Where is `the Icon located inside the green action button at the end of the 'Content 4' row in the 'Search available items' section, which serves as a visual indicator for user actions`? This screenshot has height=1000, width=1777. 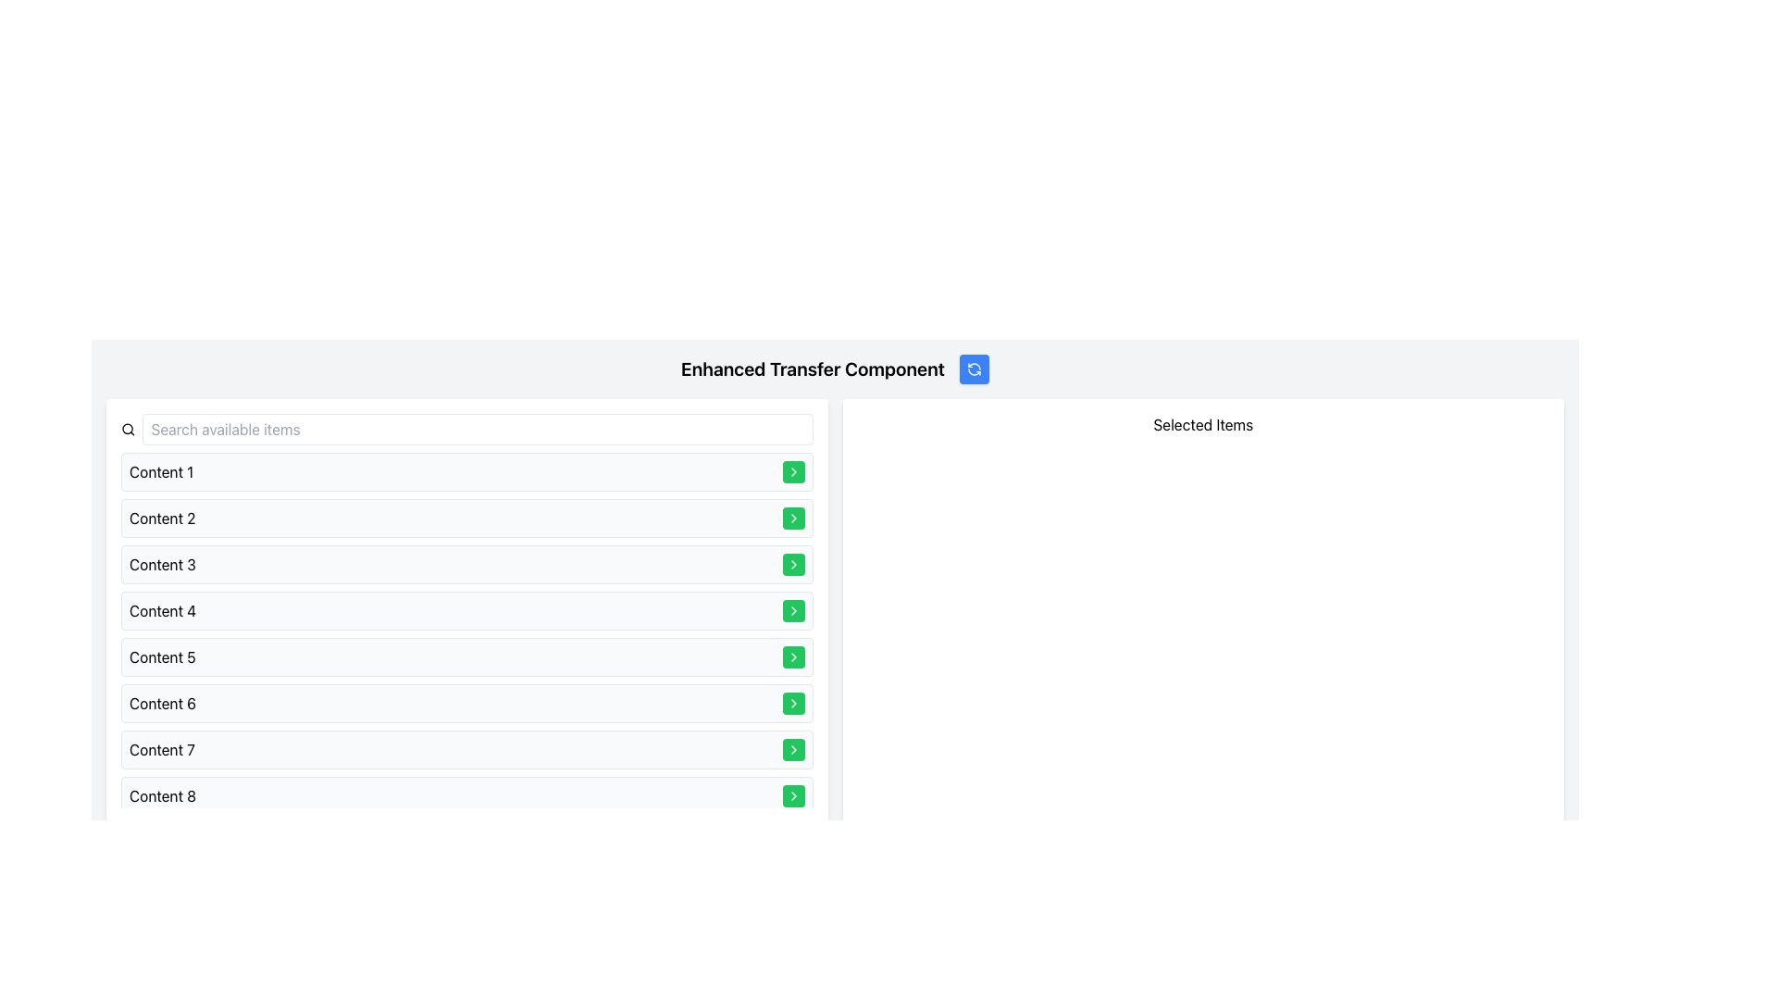
the Icon located inside the green action button at the end of the 'Content 4' row in the 'Search available items' section, which serves as a visual indicator for user actions is located at coordinates (793, 563).